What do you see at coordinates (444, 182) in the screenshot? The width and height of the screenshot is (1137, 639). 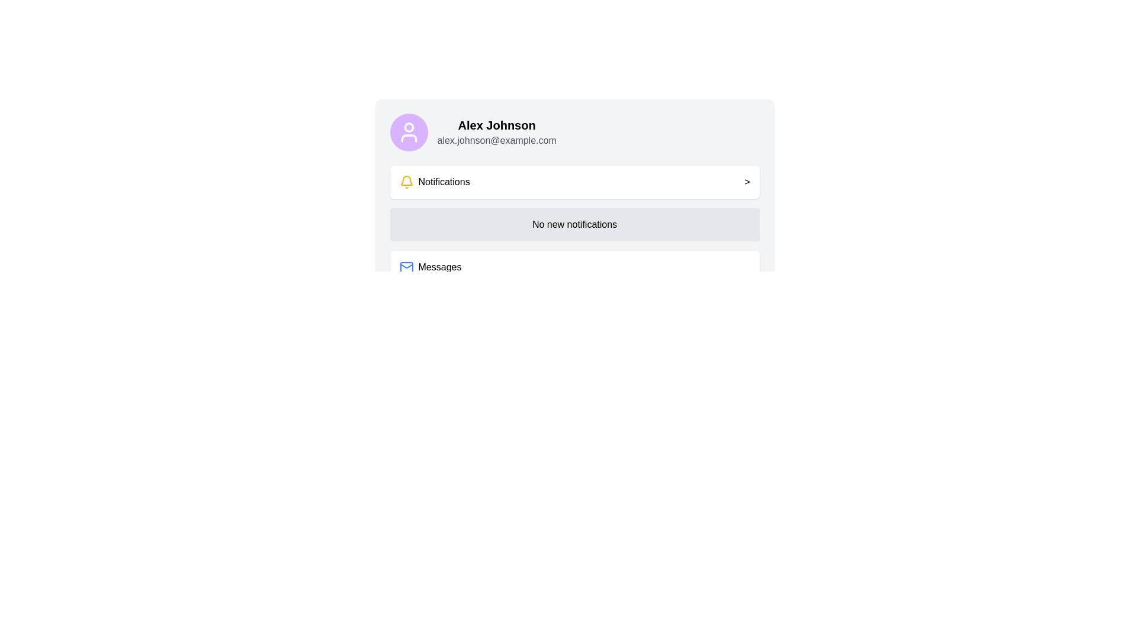 I see `the 'Notifications' label` at bounding box center [444, 182].